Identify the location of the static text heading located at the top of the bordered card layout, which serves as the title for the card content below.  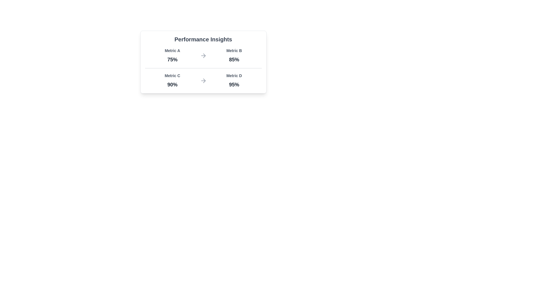
(203, 39).